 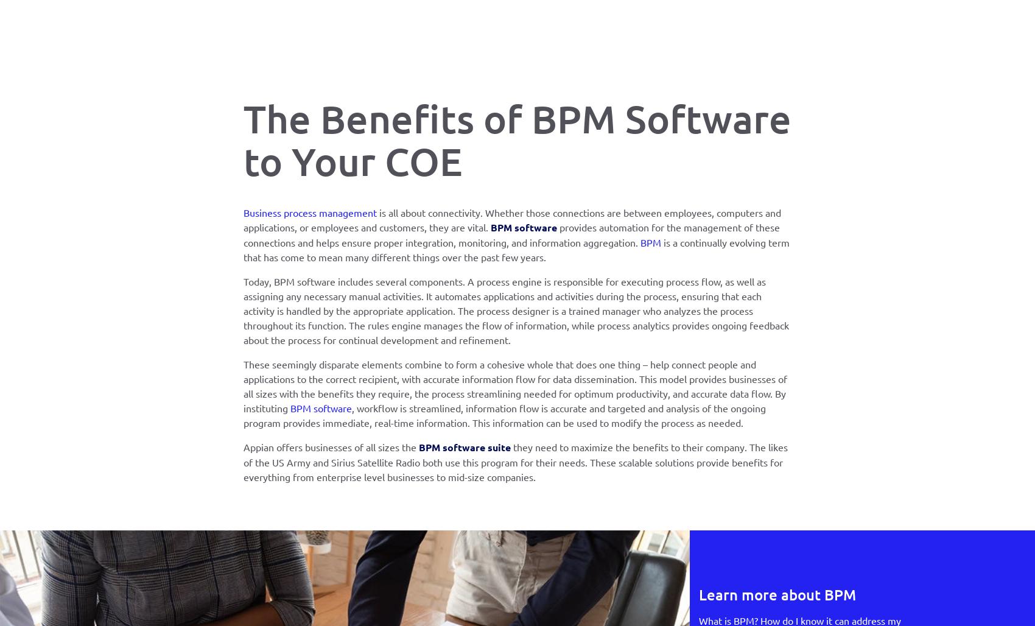 What do you see at coordinates (456, 250) in the screenshot?
I see `'Environmental Policy'` at bounding box center [456, 250].